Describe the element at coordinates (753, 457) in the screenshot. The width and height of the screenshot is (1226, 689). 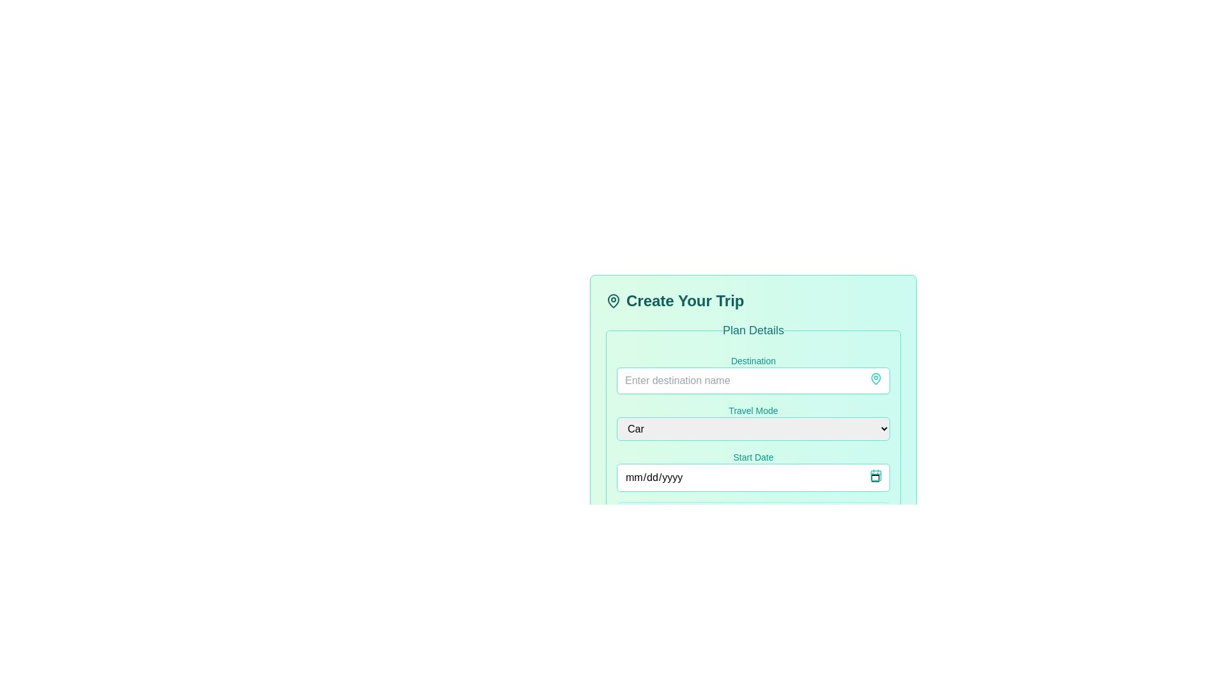
I see `the 'Start Date' text label which is styled with a medium-sized, teal-colored font, located in the 'Create Your Trip' form under the 'Plan Details' section, positioned above the date input field and adjacent to a calendar icon` at that location.